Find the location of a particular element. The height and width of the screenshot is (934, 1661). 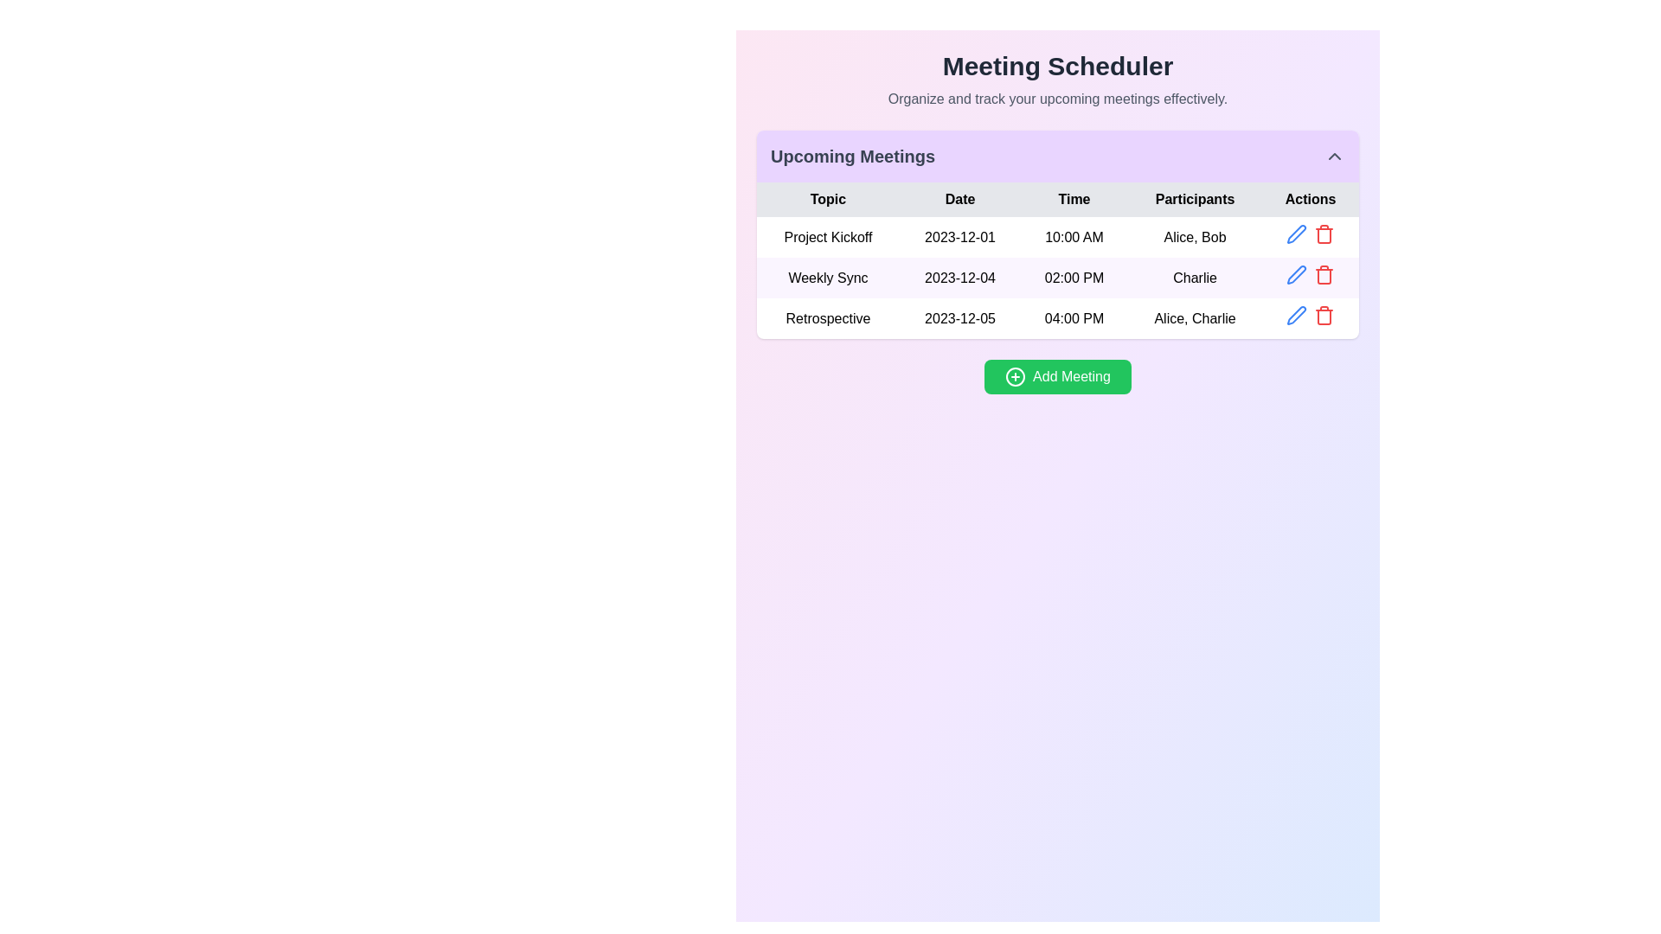

the 'Add Meeting' button, which contains an icon representing the 'add' action, located centrally below the 'Upcoming Meetings' section is located at coordinates (1016, 375).